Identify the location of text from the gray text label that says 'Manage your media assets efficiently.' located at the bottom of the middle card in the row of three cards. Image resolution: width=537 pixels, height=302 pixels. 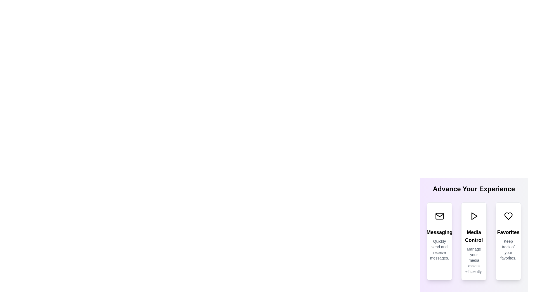
(474, 260).